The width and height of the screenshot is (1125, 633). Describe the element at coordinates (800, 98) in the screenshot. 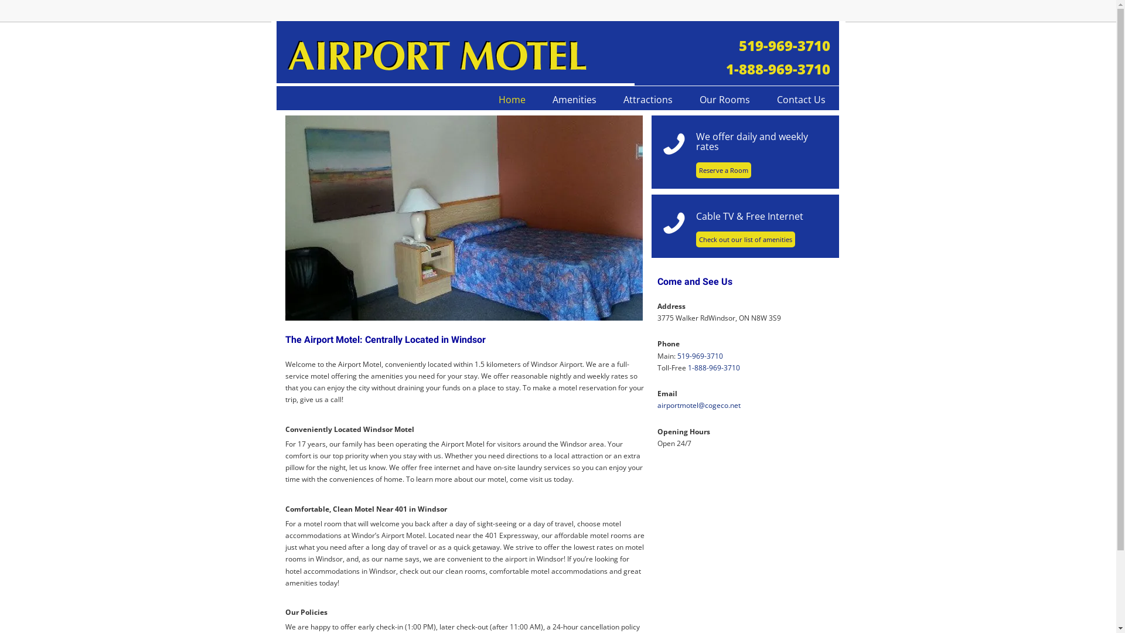

I see `'Contact Us'` at that location.